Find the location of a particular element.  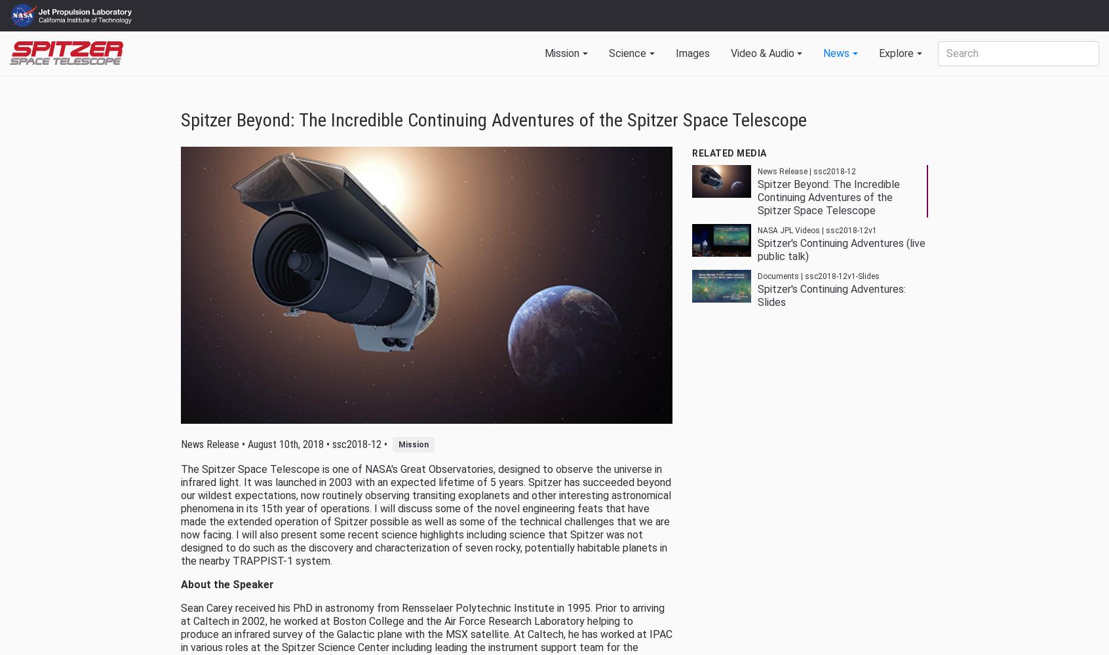

'Spitzer's Continuing Adventures: Slides' is located at coordinates (756, 295).